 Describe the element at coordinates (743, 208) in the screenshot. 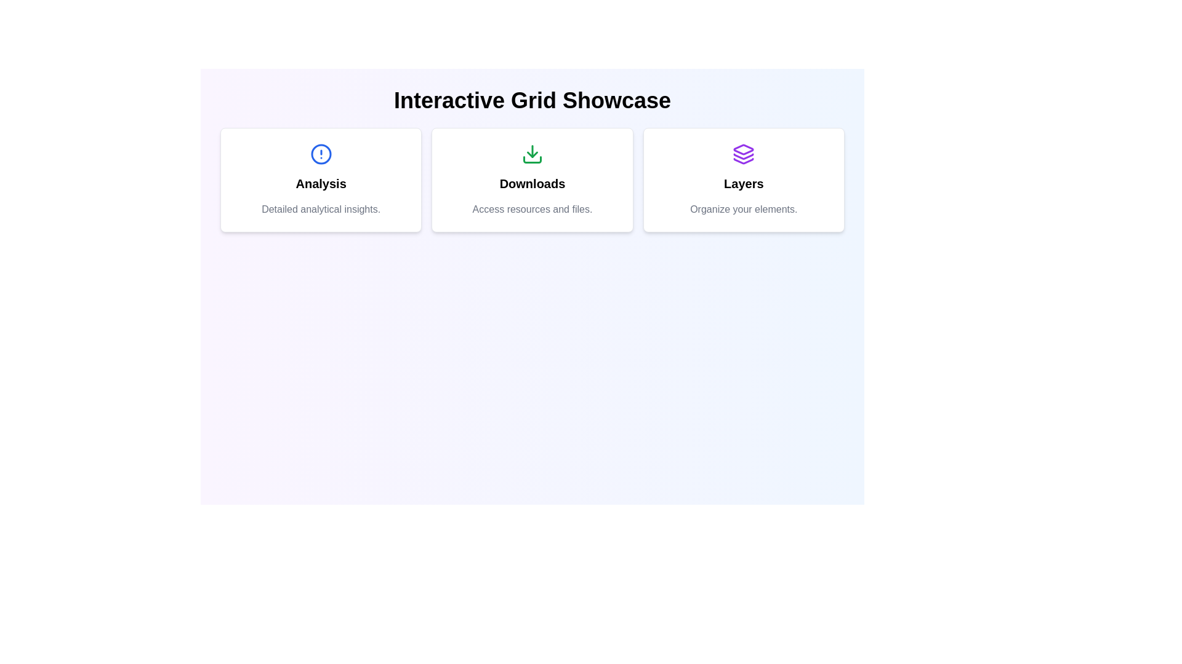

I see `the second text label under the 'Layers' section of the third card in the row of cards, which provides additional information regarding its function or purpose` at that location.